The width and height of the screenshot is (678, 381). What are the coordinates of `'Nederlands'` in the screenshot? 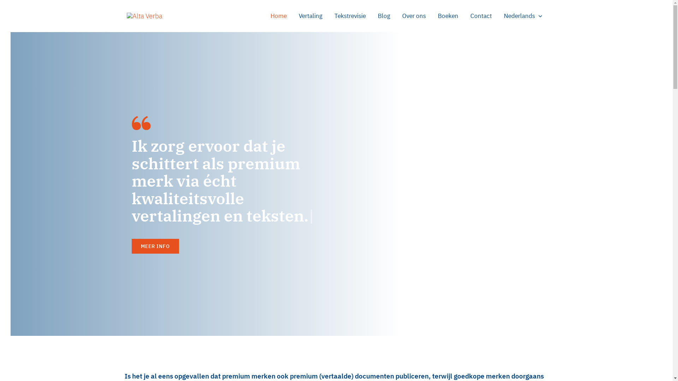 It's located at (498, 16).